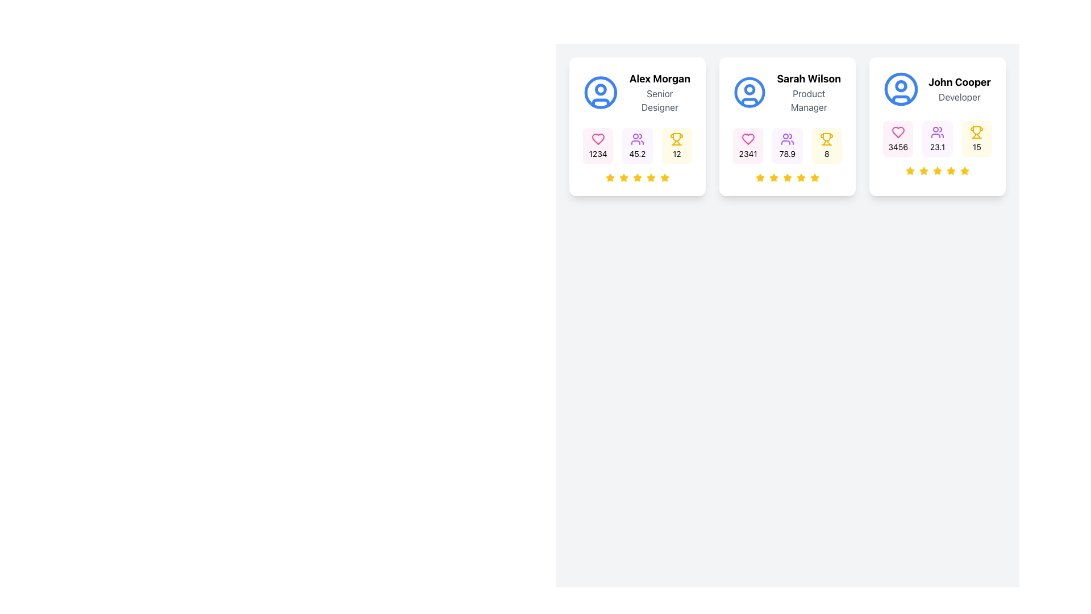 The image size is (1091, 614). I want to click on the text label displaying 'Product Manager' located in the middle card beneath 'Sarah Wilson', so click(808, 100).